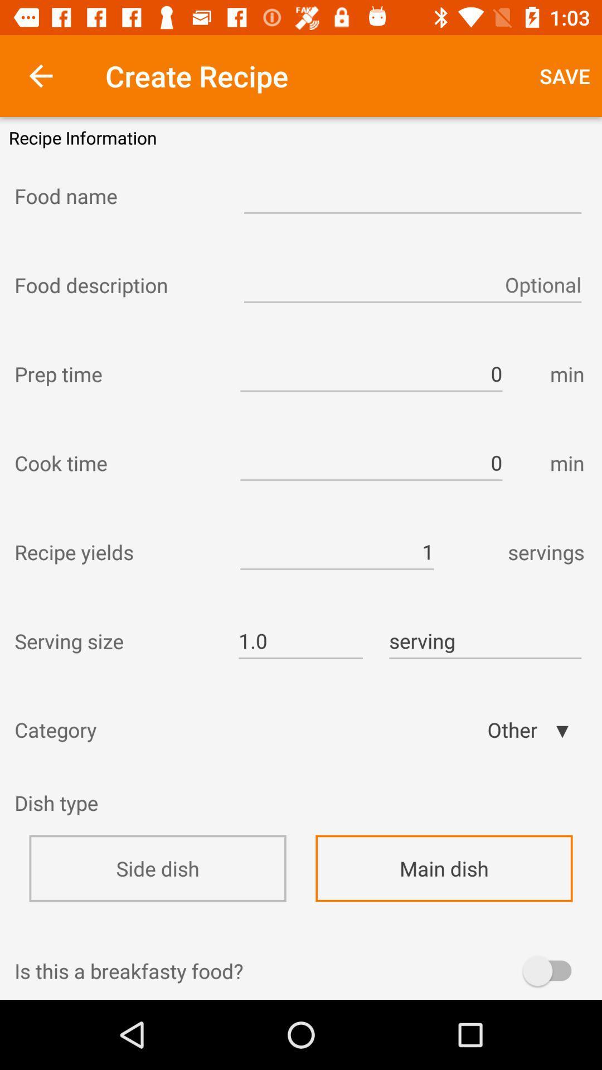 The height and width of the screenshot is (1070, 602). Describe the element at coordinates (301, 970) in the screenshot. I see `the is this a item` at that location.